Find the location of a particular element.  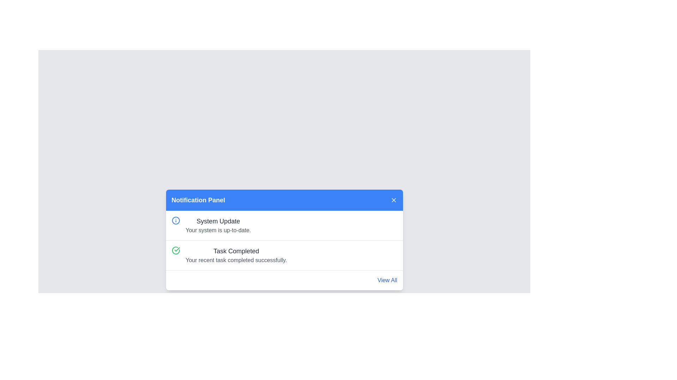

the 'Notification Panel' text label, which is styled in bold and positioned on the blue header of the notification interface is located at coordinates (198, 200).